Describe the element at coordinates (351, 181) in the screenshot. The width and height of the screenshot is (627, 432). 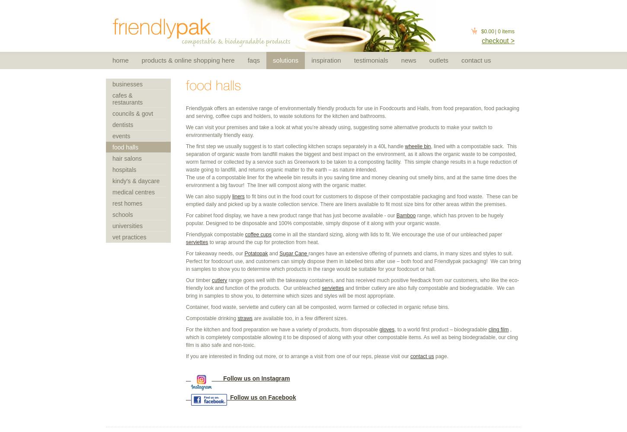
I see `'The use of a compostable liner for the wheelie bin results in you saving time and money cleaning out smelly bins, and at the same time does the environment a big favour!  The liner will compost along with the organic matter.'` at that location.